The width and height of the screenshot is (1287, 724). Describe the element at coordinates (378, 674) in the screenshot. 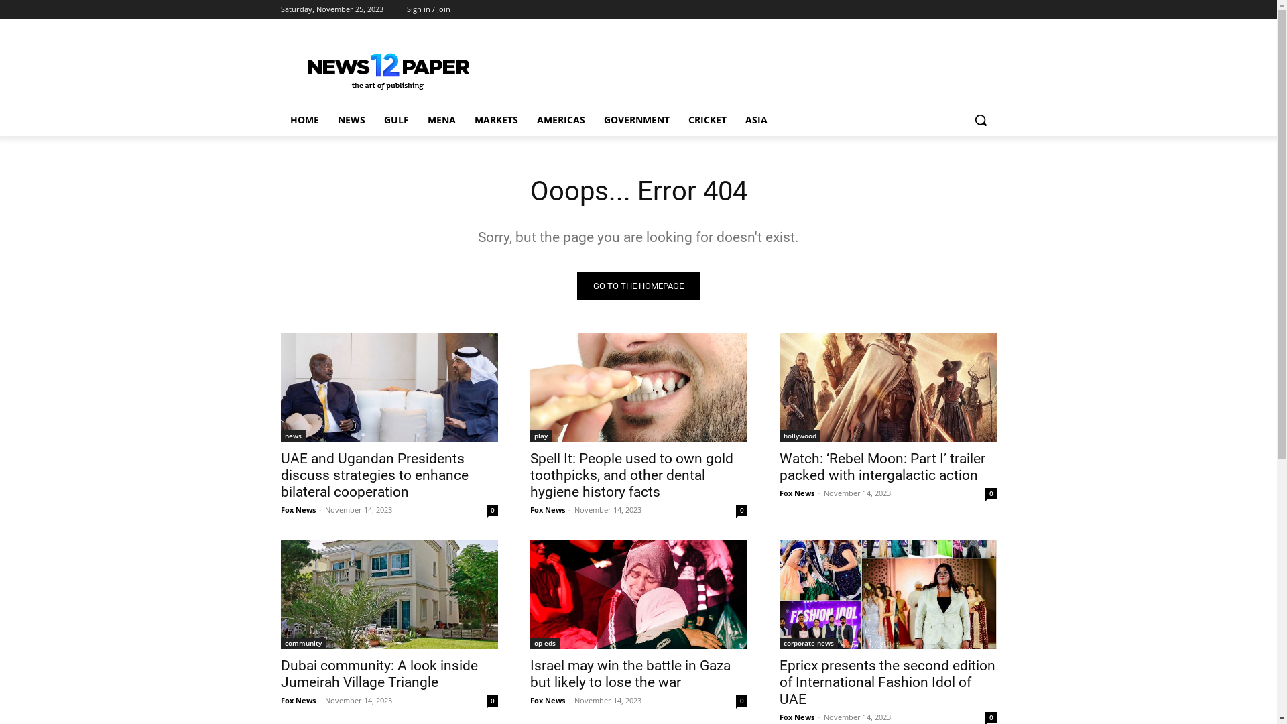

I see `'Dubai community: A look inside Jumeirah Village Triangle'` at that location.